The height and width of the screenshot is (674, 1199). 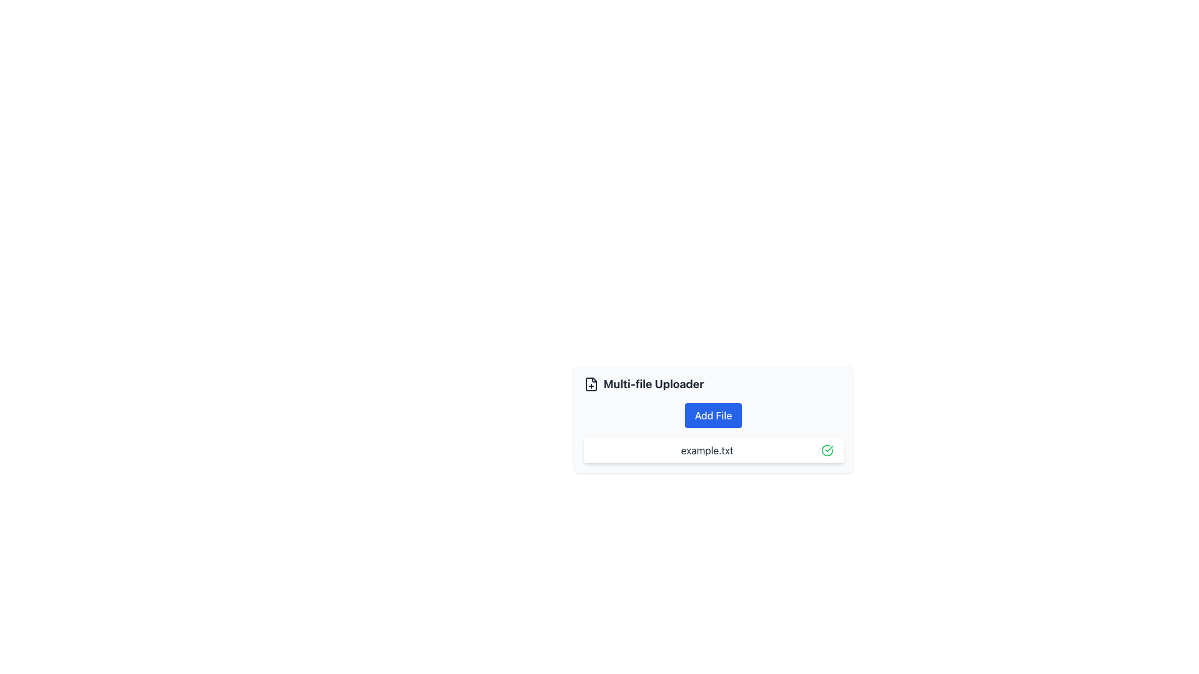 I want to click on the icon shaped like a document with a plus sign, located to the left of the 'Multi-file Uploader' text, so click(x=590, y=384).